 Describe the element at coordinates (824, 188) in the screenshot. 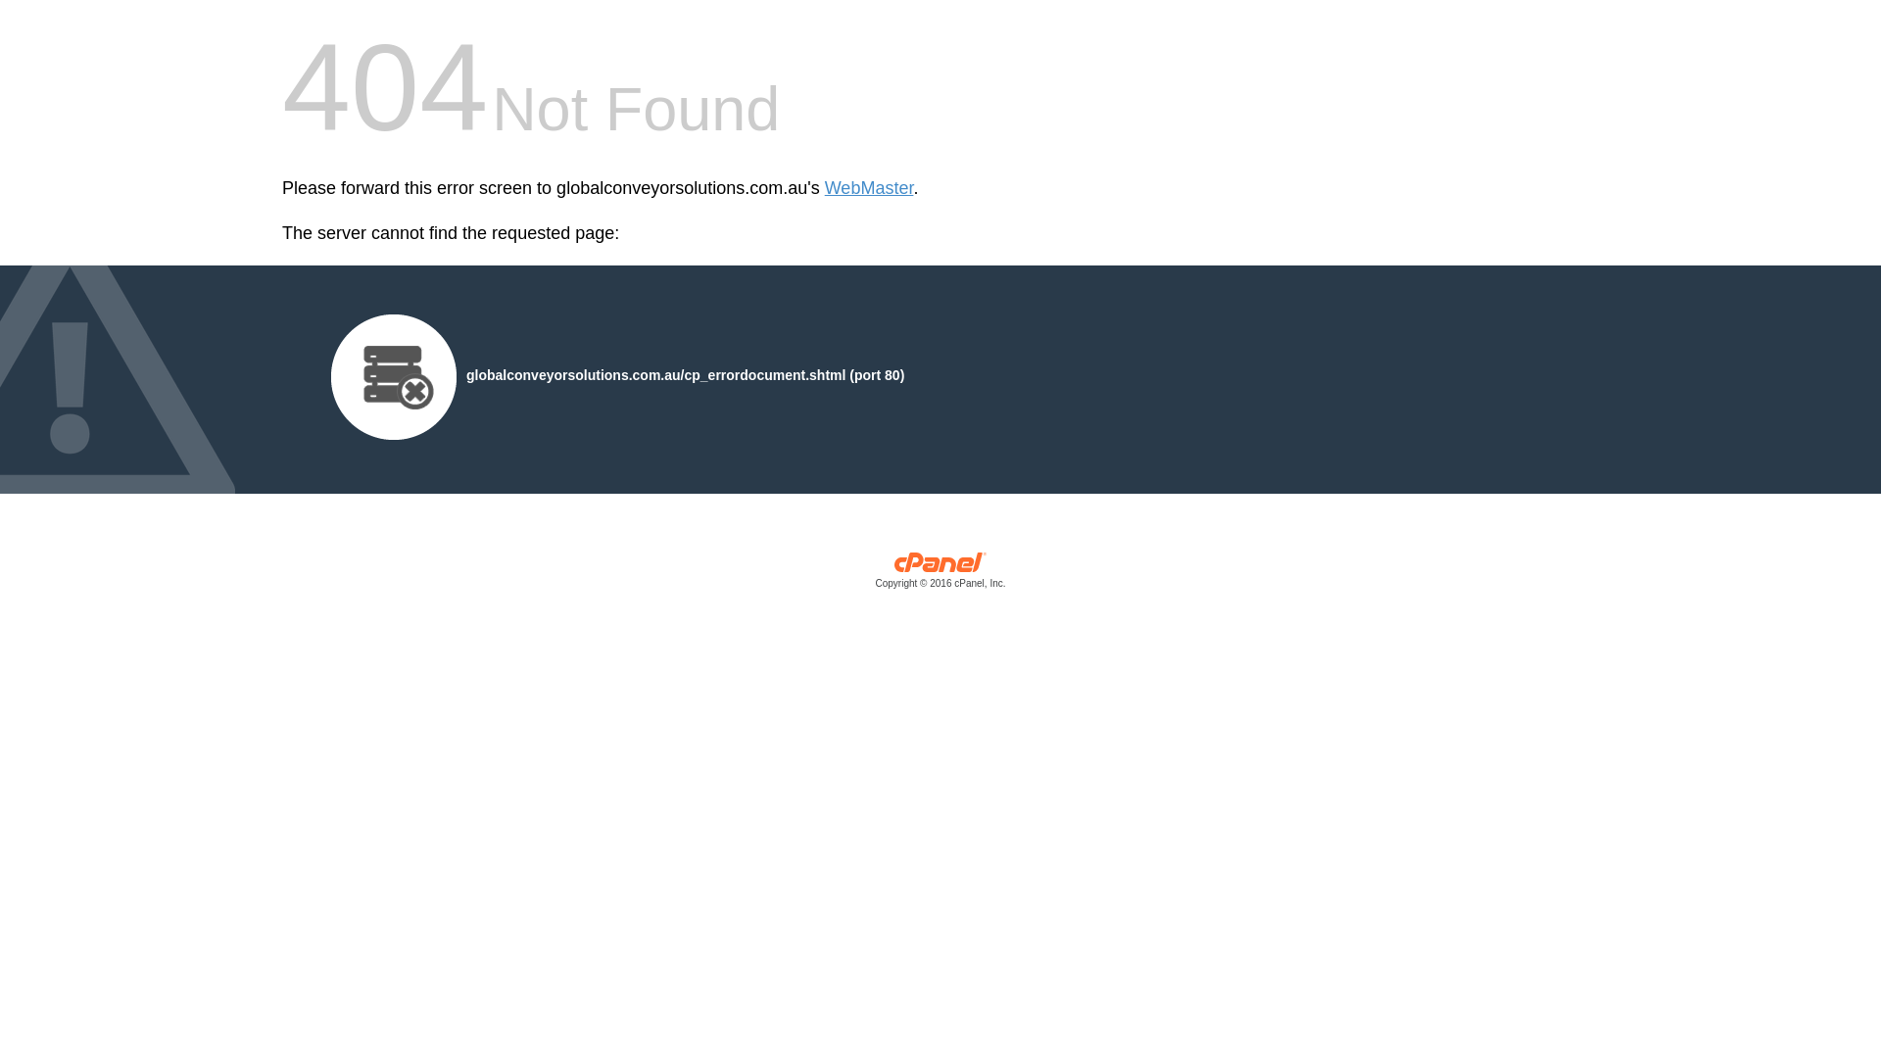

I see `'WebMaster'` at that location.